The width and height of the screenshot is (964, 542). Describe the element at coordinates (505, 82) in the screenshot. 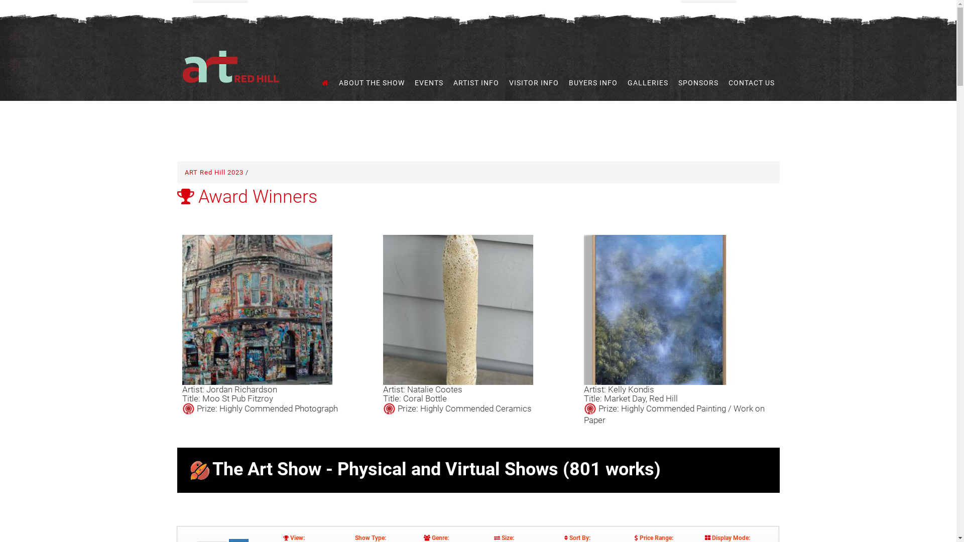

I see `'VISITOR INFO'` at that location.